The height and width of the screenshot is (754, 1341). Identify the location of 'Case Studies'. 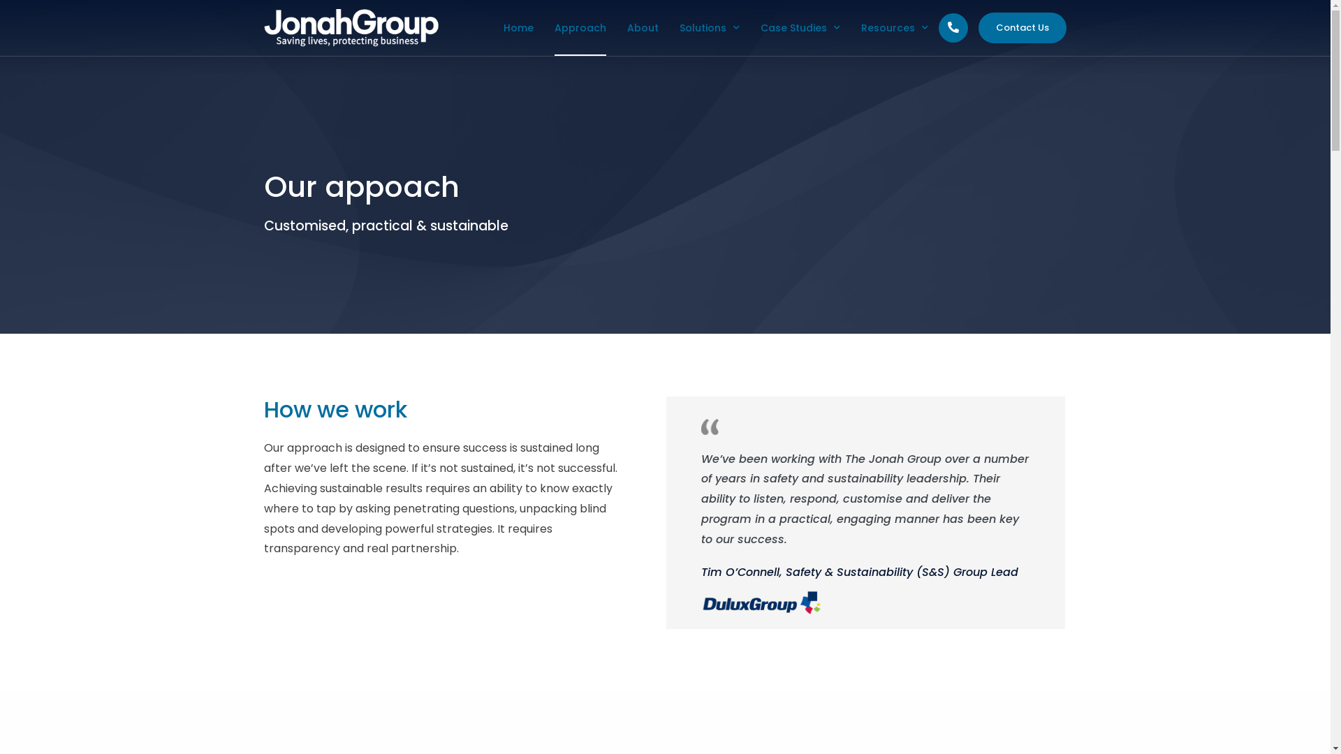
(800, 27).